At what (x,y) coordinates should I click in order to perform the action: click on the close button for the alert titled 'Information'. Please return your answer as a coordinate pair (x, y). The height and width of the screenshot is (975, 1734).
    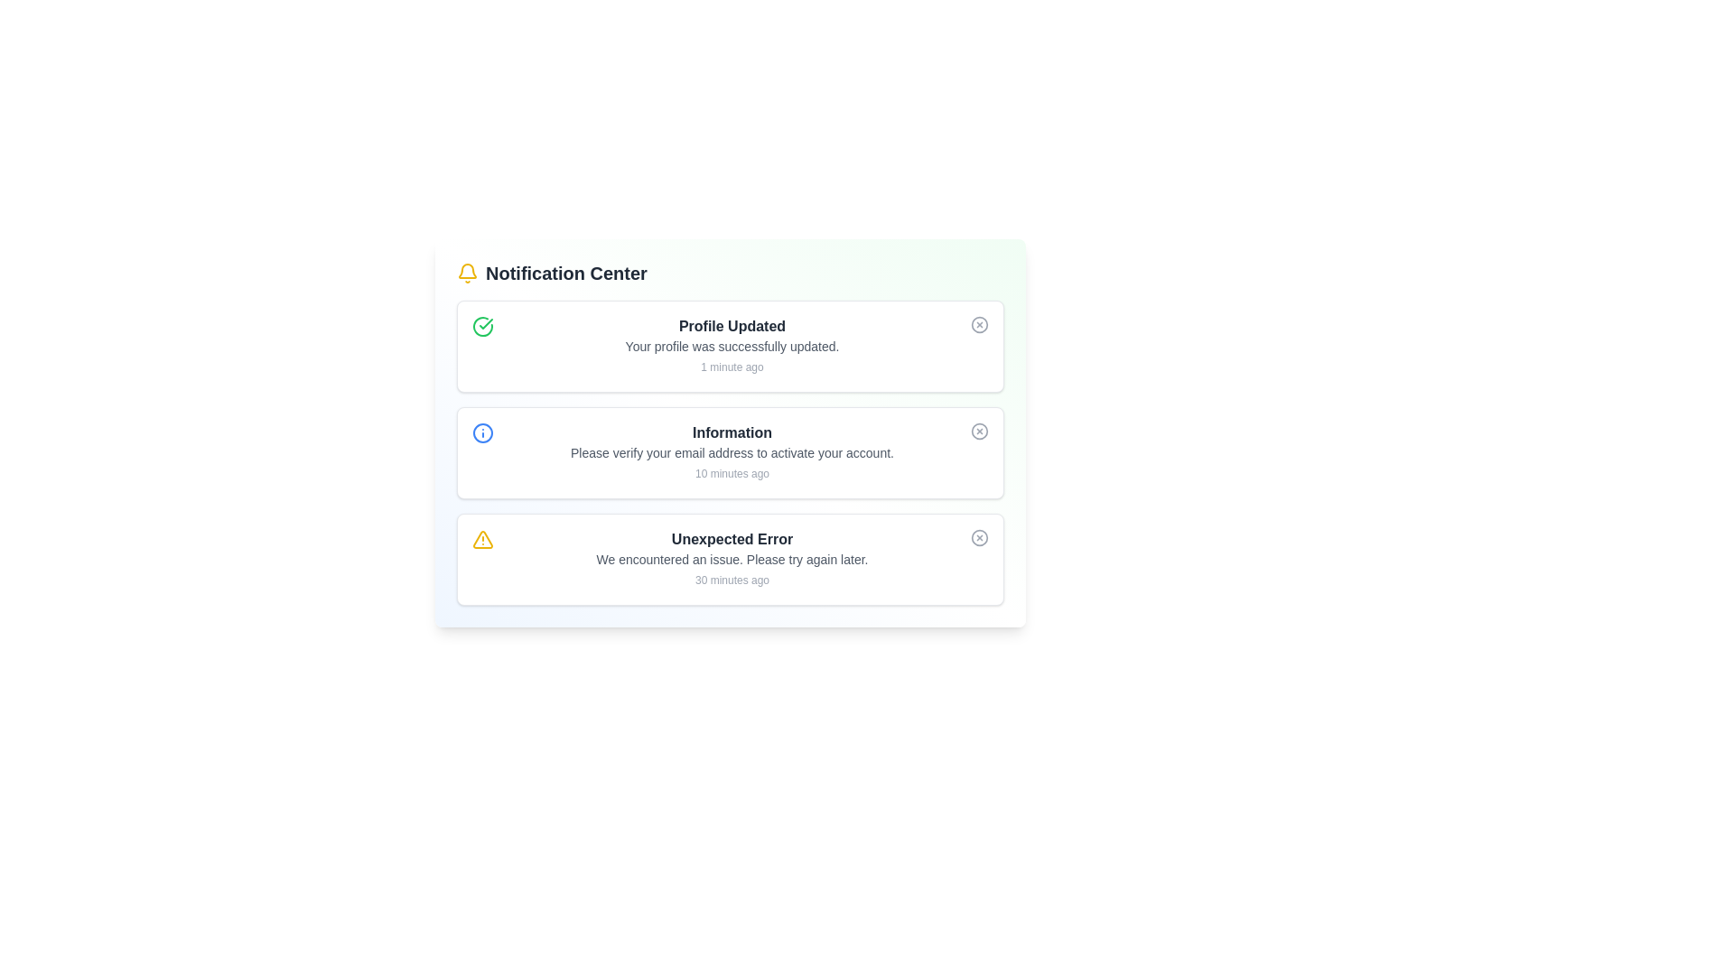
    Looking at the image, I should click on (978, 432).